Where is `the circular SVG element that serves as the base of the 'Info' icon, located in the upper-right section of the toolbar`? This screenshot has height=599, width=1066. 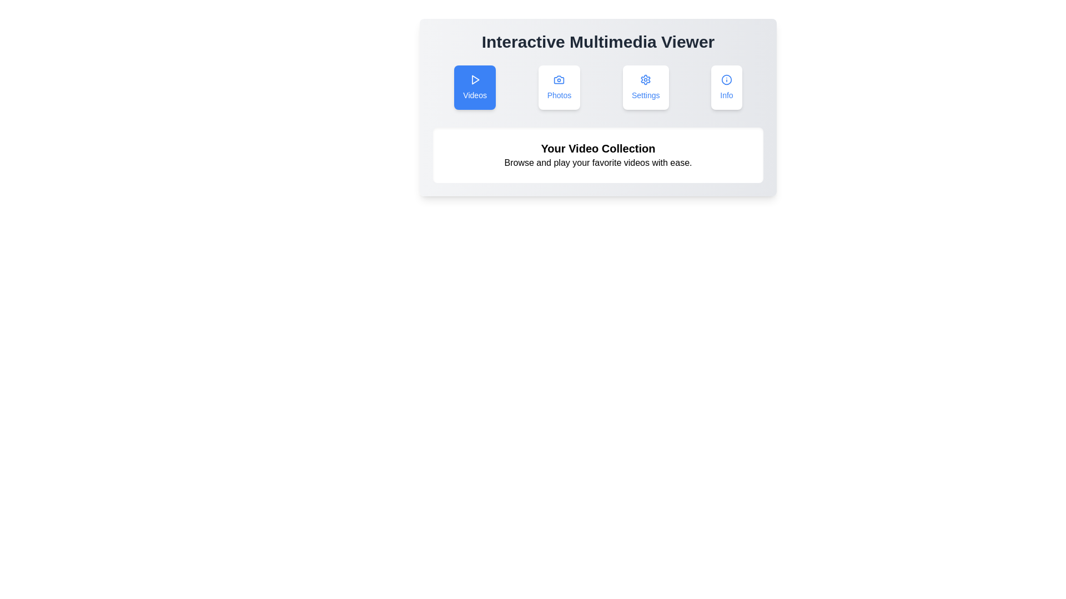 the circular SVG element that serves as the base of the 'Info' icon, located in the upper-right section of the toolbar is located at coordinates (726, 79).